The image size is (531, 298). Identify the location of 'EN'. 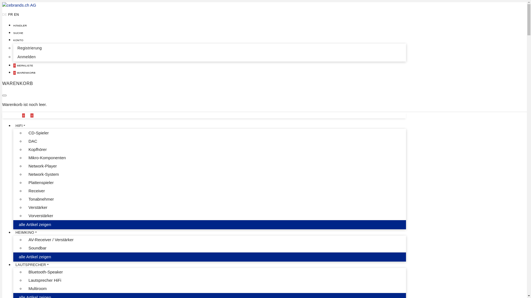
(14, 14).